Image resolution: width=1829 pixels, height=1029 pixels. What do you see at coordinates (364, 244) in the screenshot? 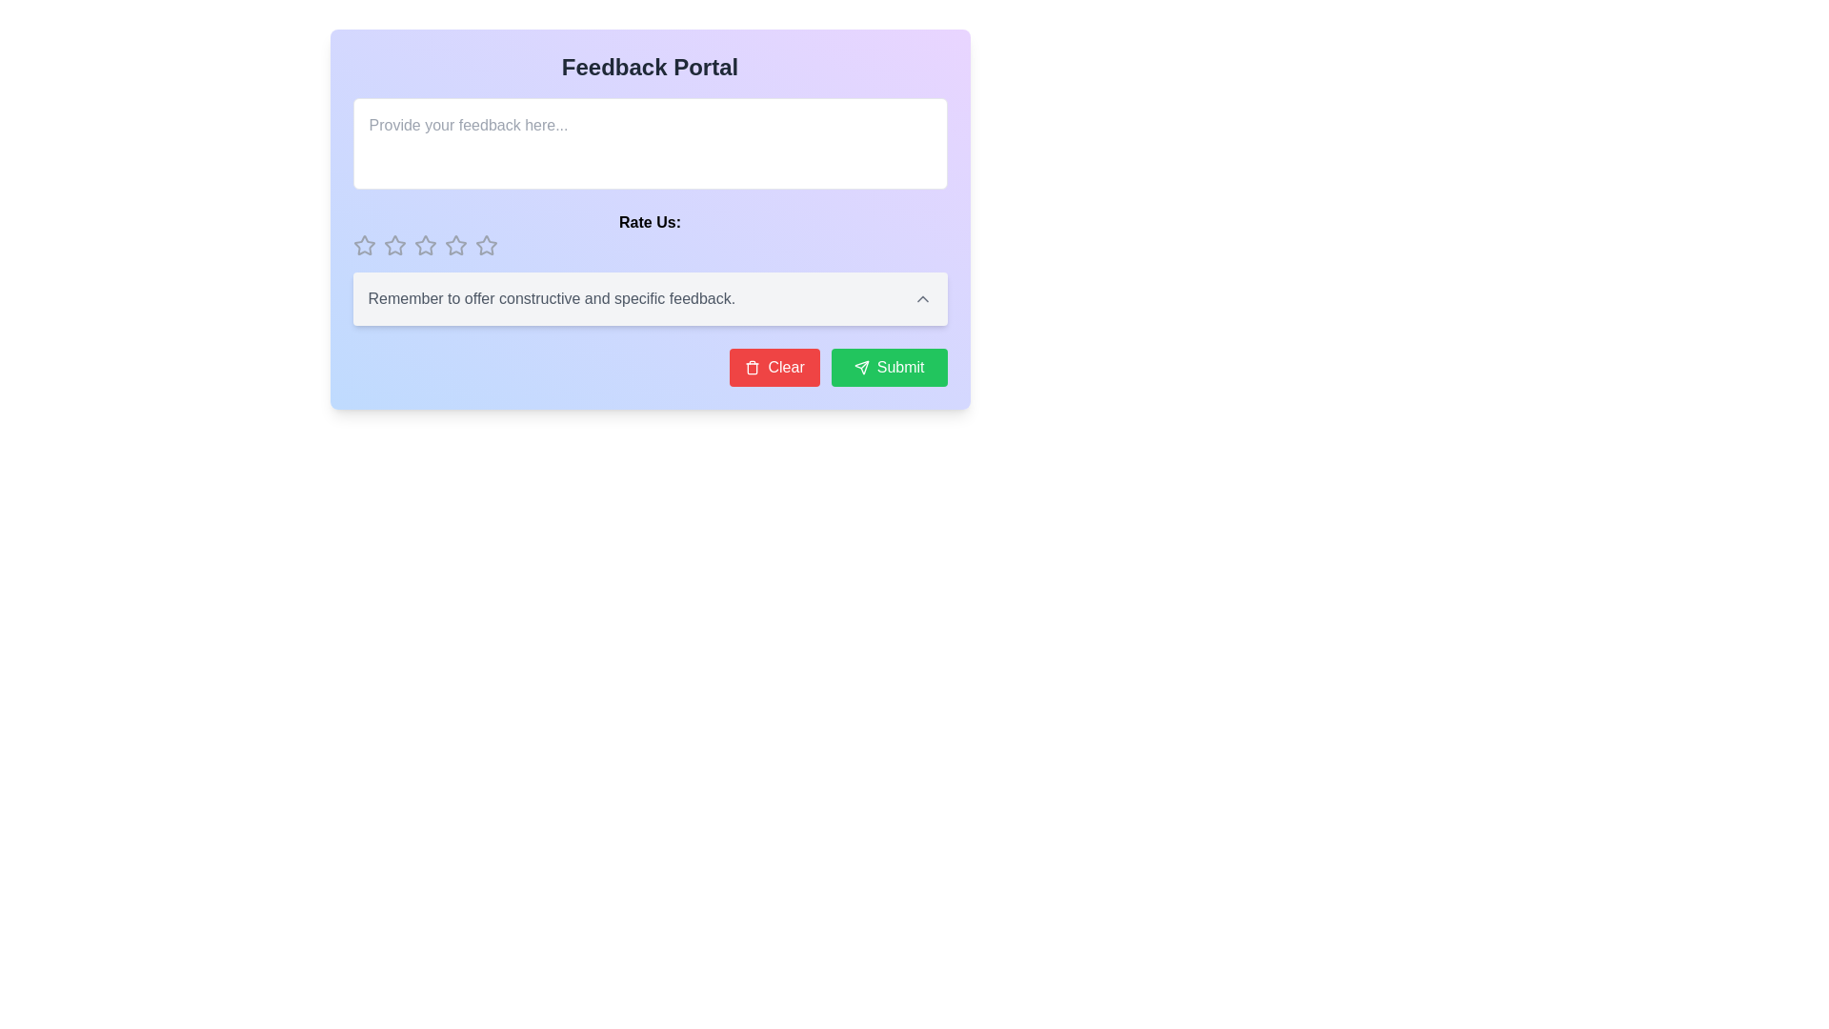
I see `the first star icon for rating, which allows users to provide a one-star rating` at bounding box center [364, 244].